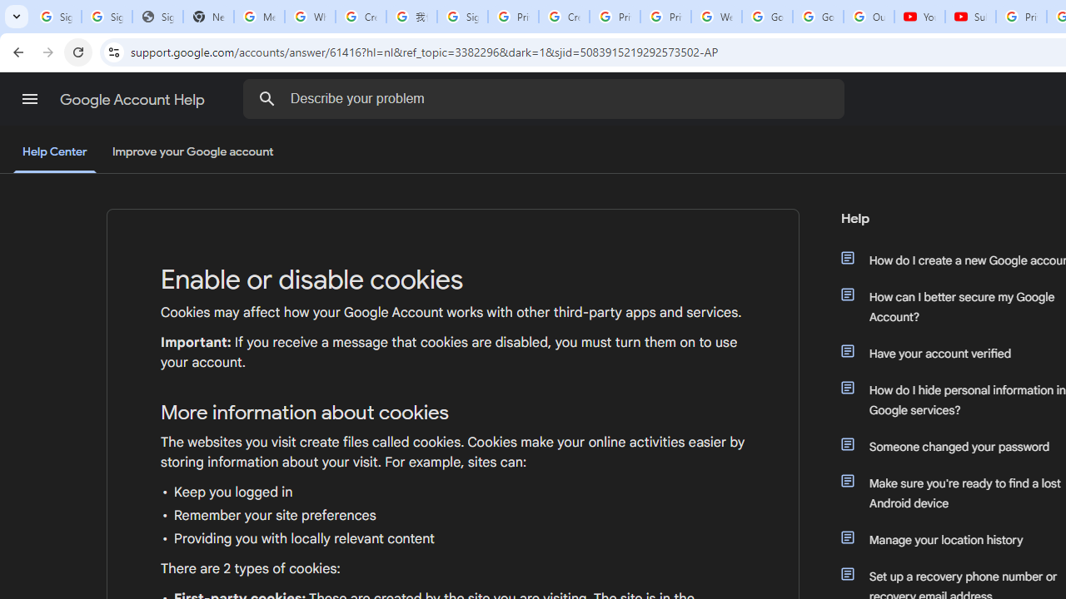 This screenshot has height=599, width=1066. What do you see at coordinates (157, 17) in the screenshot?
I see `'Sign In - USA TODAY'` at bounding box center [157, 17].